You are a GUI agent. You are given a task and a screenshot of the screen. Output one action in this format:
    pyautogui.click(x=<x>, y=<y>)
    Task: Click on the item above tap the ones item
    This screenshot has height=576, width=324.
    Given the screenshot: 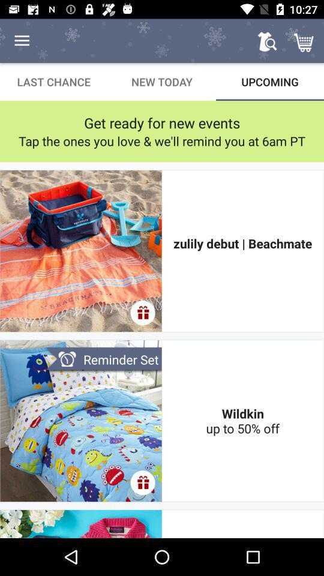 What is the action you would take?
    pyautogui.click(x=162, y=122)
    